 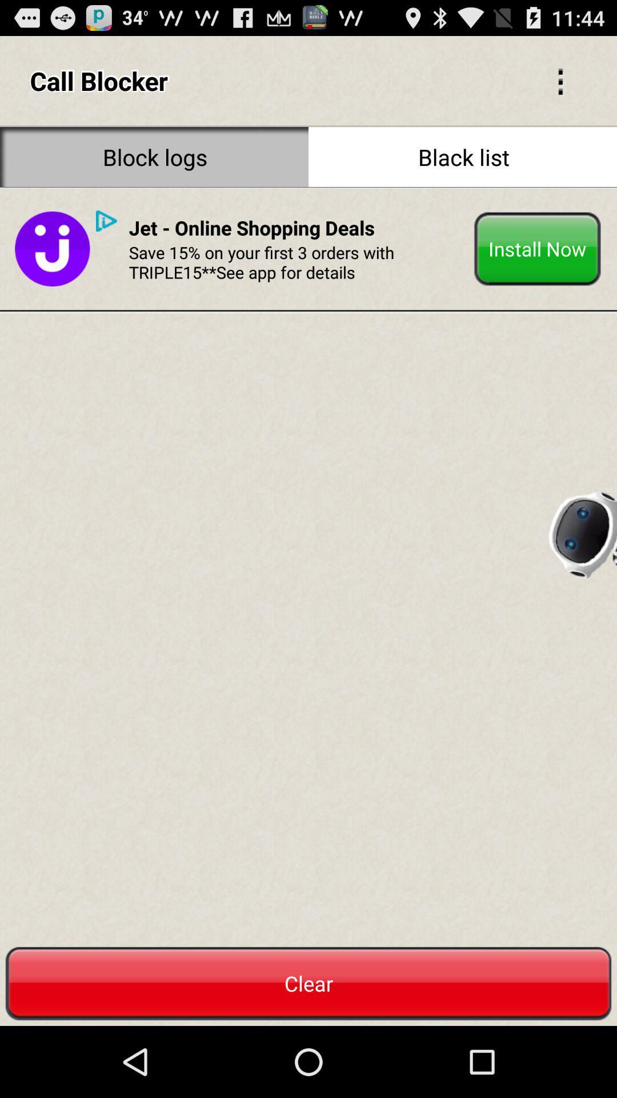 What do you see at coordinates (251, 228) in the screenshot?
I see `icon above save 15 on icon` at bounding box center [251, 228].